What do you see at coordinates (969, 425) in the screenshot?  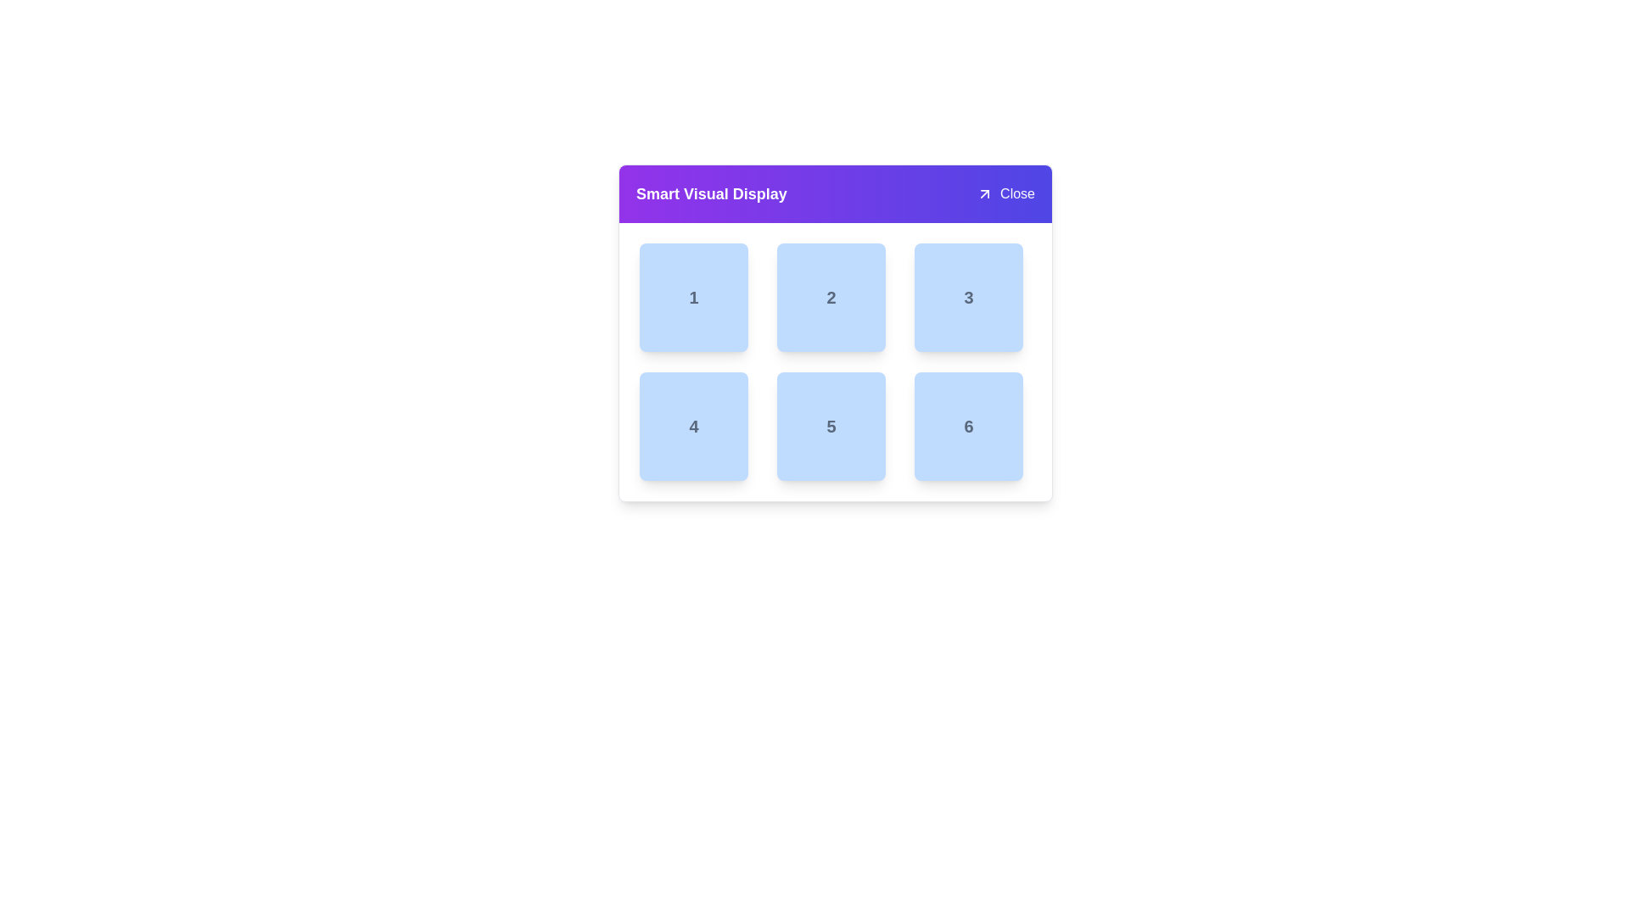 I see `the static display element with a numerical label located in the bottom-right corner of a 3x2 grid layout, which is the sixth item in the sequence` at bounding box center [969, 425].